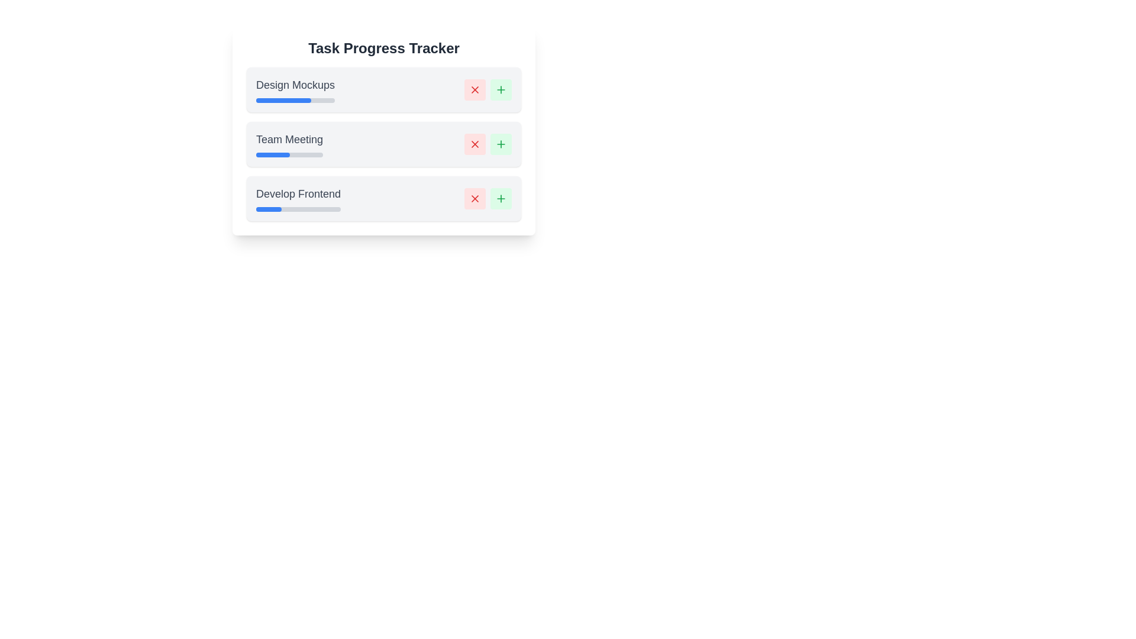 This screenshot has width=1136, height=639. What do you see at coordinates (475, 143) in the screenshot?
I see `the minus button for the task Team Meeting to adjust its progress` at bounding box center [475, 143].